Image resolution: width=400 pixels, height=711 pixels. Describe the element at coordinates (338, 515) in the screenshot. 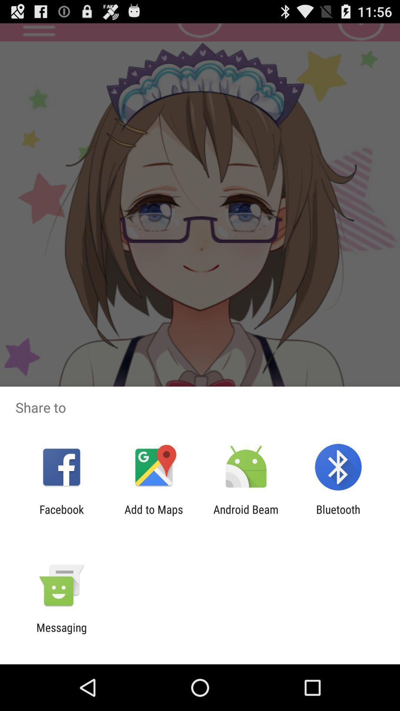

I see `the app at the bottom right corner` at that location.